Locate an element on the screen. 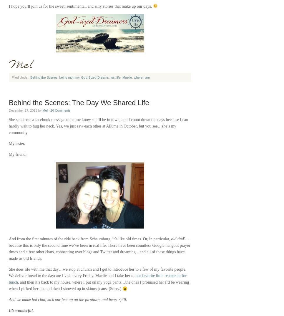 The height and width of the screenshot is (316, 284). 'I hope you’ll join us for the sweet, sentimental, and silly stories that make up our days.' is located at coordinates (9, 6).